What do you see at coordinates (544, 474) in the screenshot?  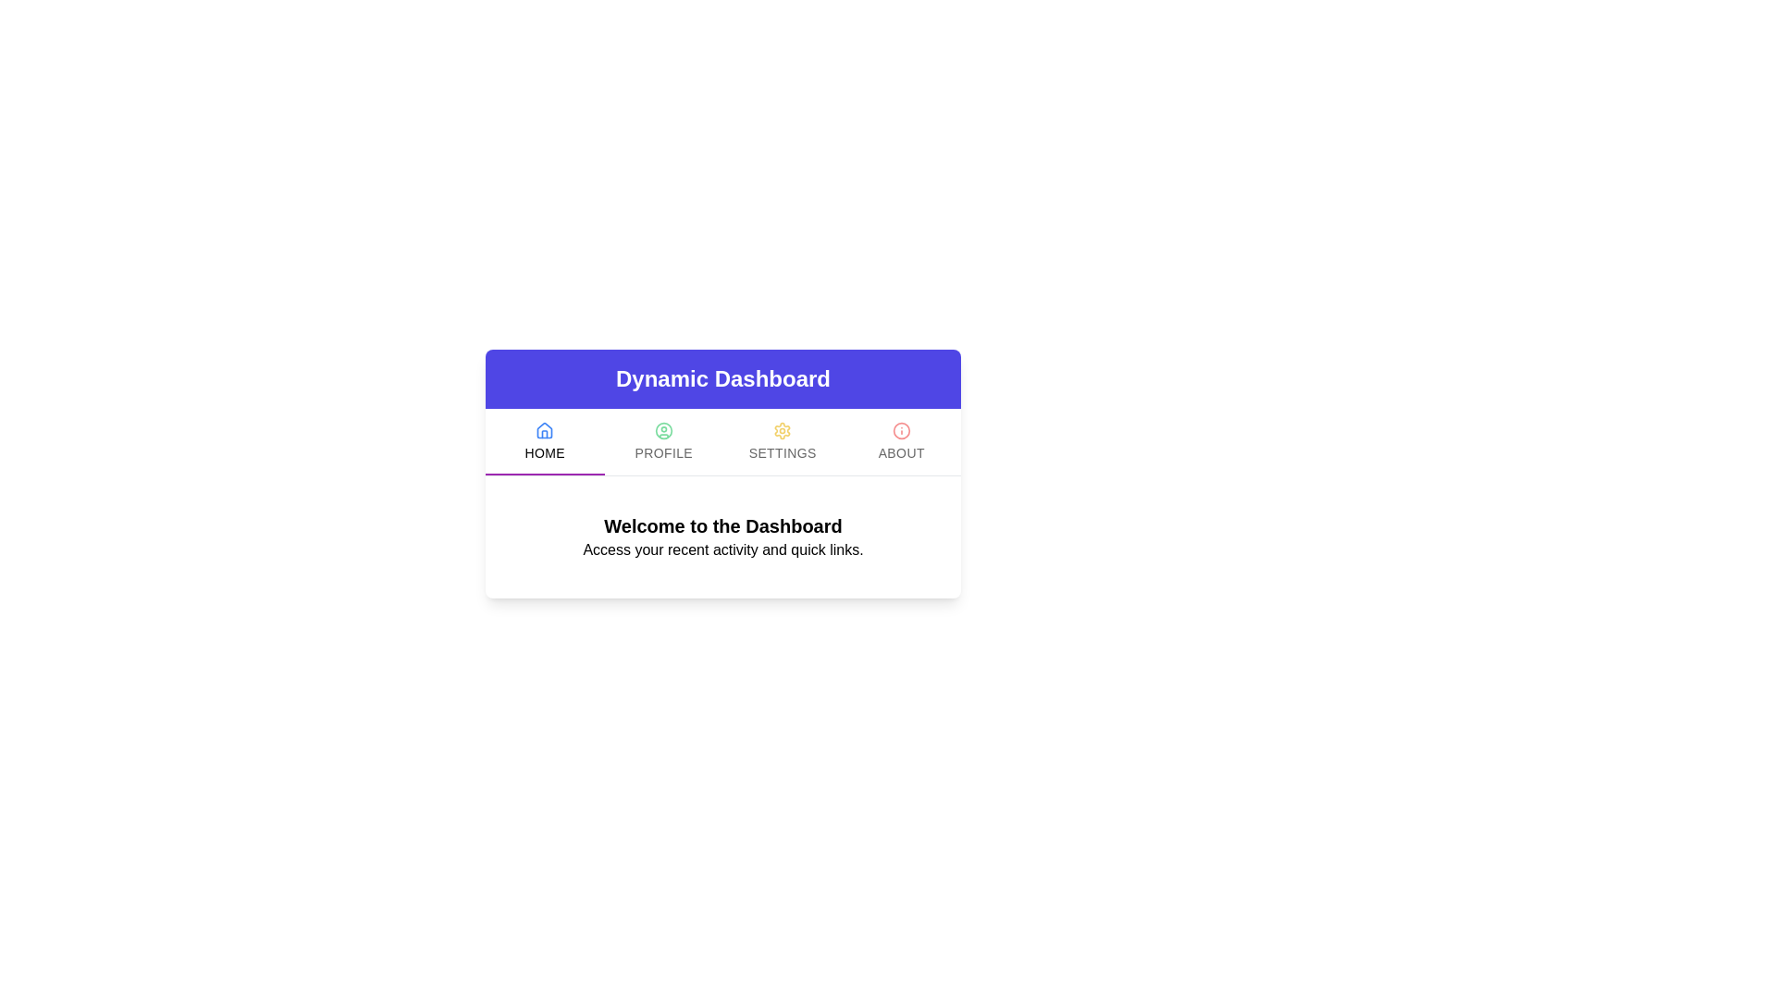 I see `the thin red horizontal line indicating the active tab under the 'Home' section in the tab navigation bar` at bounding box center [544, 474].